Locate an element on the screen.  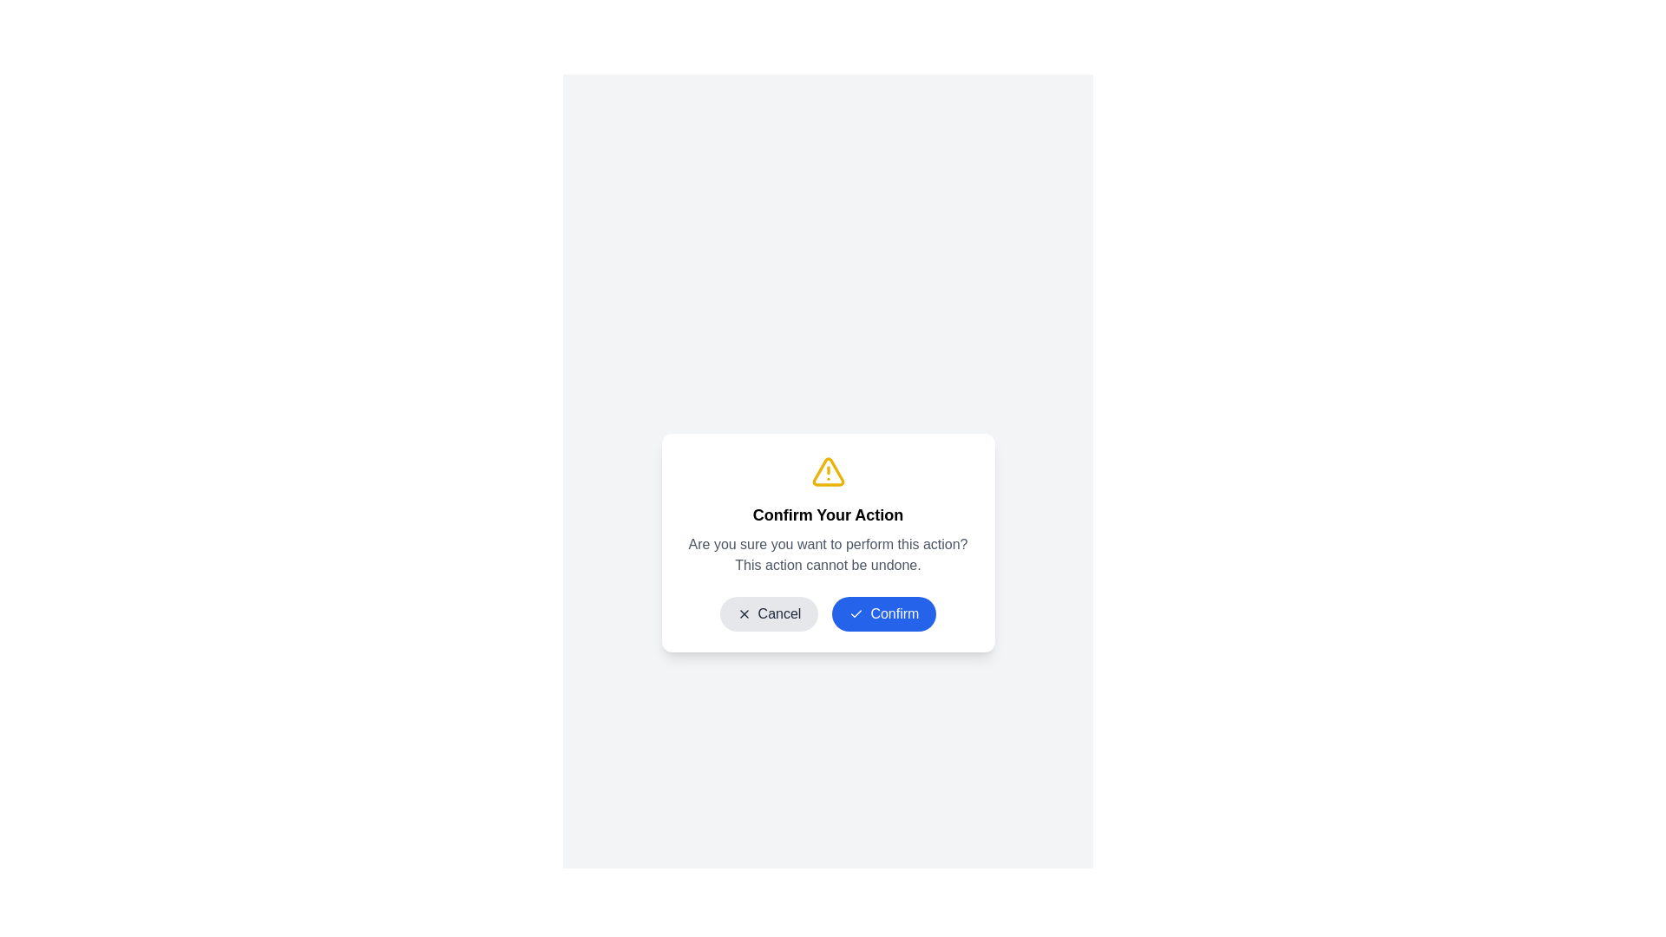
the Heading Text element that reads 'Confirm Your Action', which is a bold, large-font text located centrally in the dialog box, below a yellow warning icon is located at coordinates (827, 514).